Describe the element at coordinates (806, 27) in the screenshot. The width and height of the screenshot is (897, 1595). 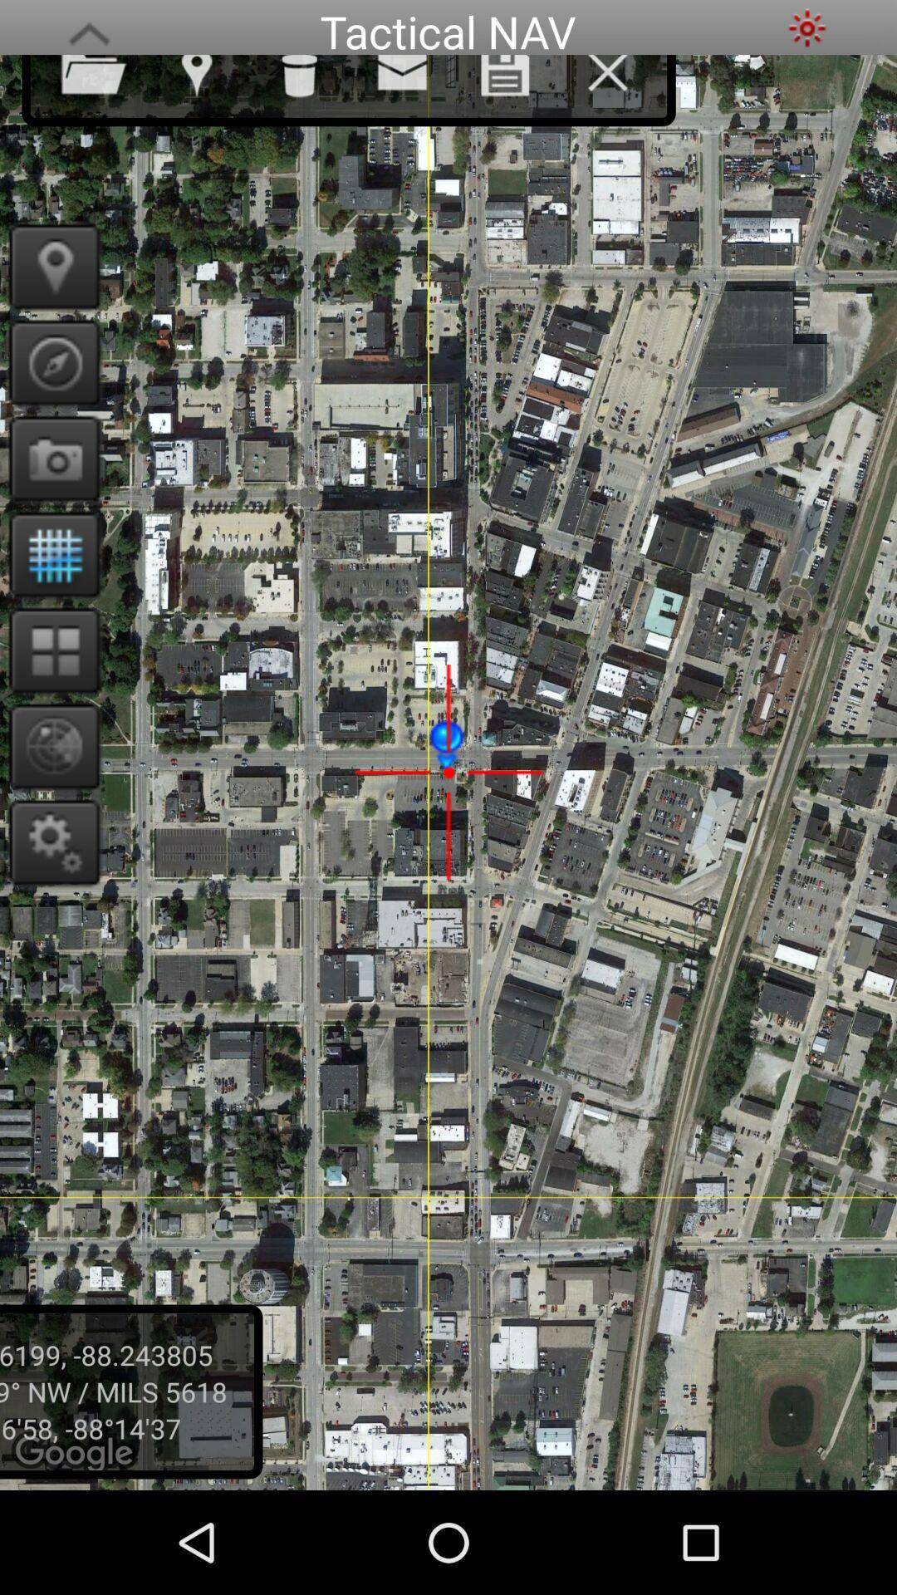
I see `icon at the top right corner` at that location.